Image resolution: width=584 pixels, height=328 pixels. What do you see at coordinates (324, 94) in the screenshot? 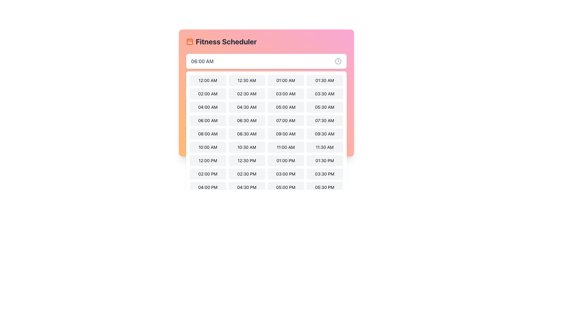
I see `the selectable interactive button for '03:30 AM' located in the second row and fourth column of the dropdown picker under 'Fitness Scheduler' to highlight it for accessibility purposes` at bounding box center [324, 94].